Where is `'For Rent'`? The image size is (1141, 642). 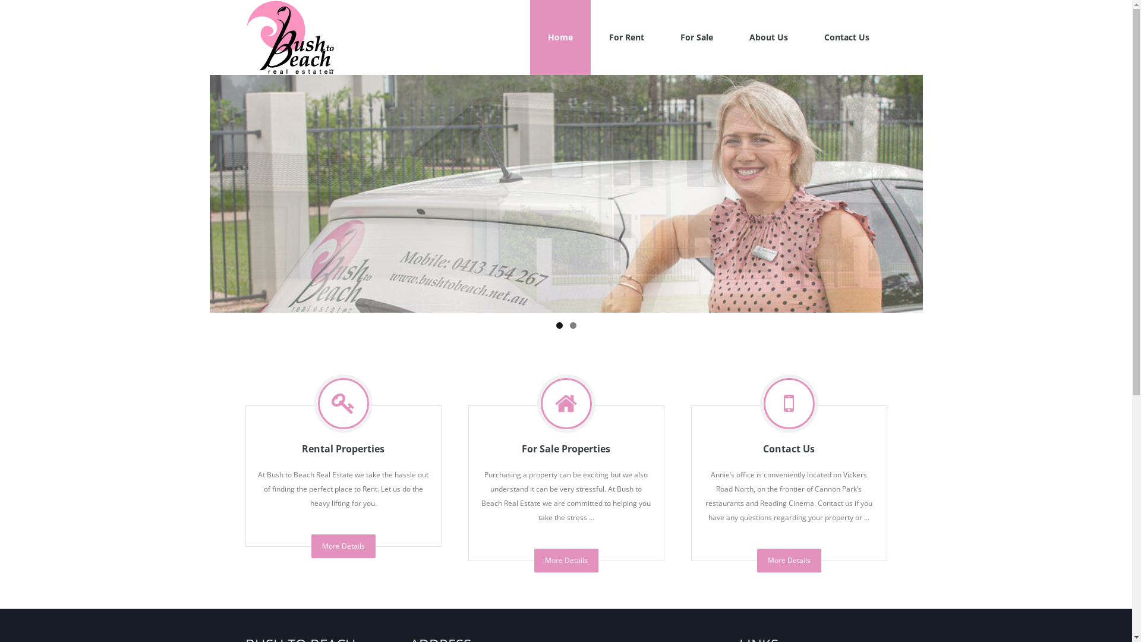
'For Rent' is located at coordinates (625, 36).